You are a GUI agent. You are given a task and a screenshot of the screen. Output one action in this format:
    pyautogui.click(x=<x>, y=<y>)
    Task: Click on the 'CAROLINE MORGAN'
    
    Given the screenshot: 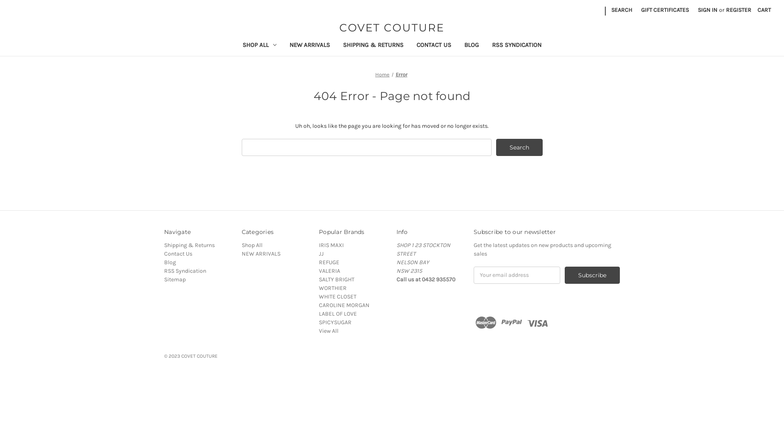 What is the action you would take?
    pyautogui.click(x=344, y=305)
    